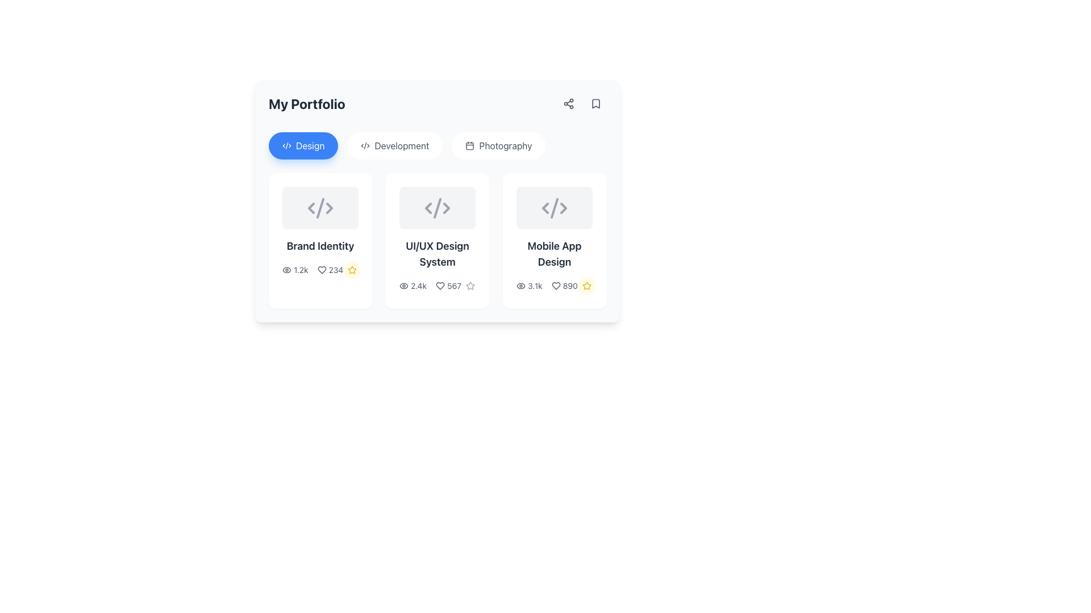  Describe the element at coordinates (286, 270) in the screenshot. I see `the eye icon representing visibility, located in the 'Brand Identity' card, which precedes the view count '1.2k'` at that location.